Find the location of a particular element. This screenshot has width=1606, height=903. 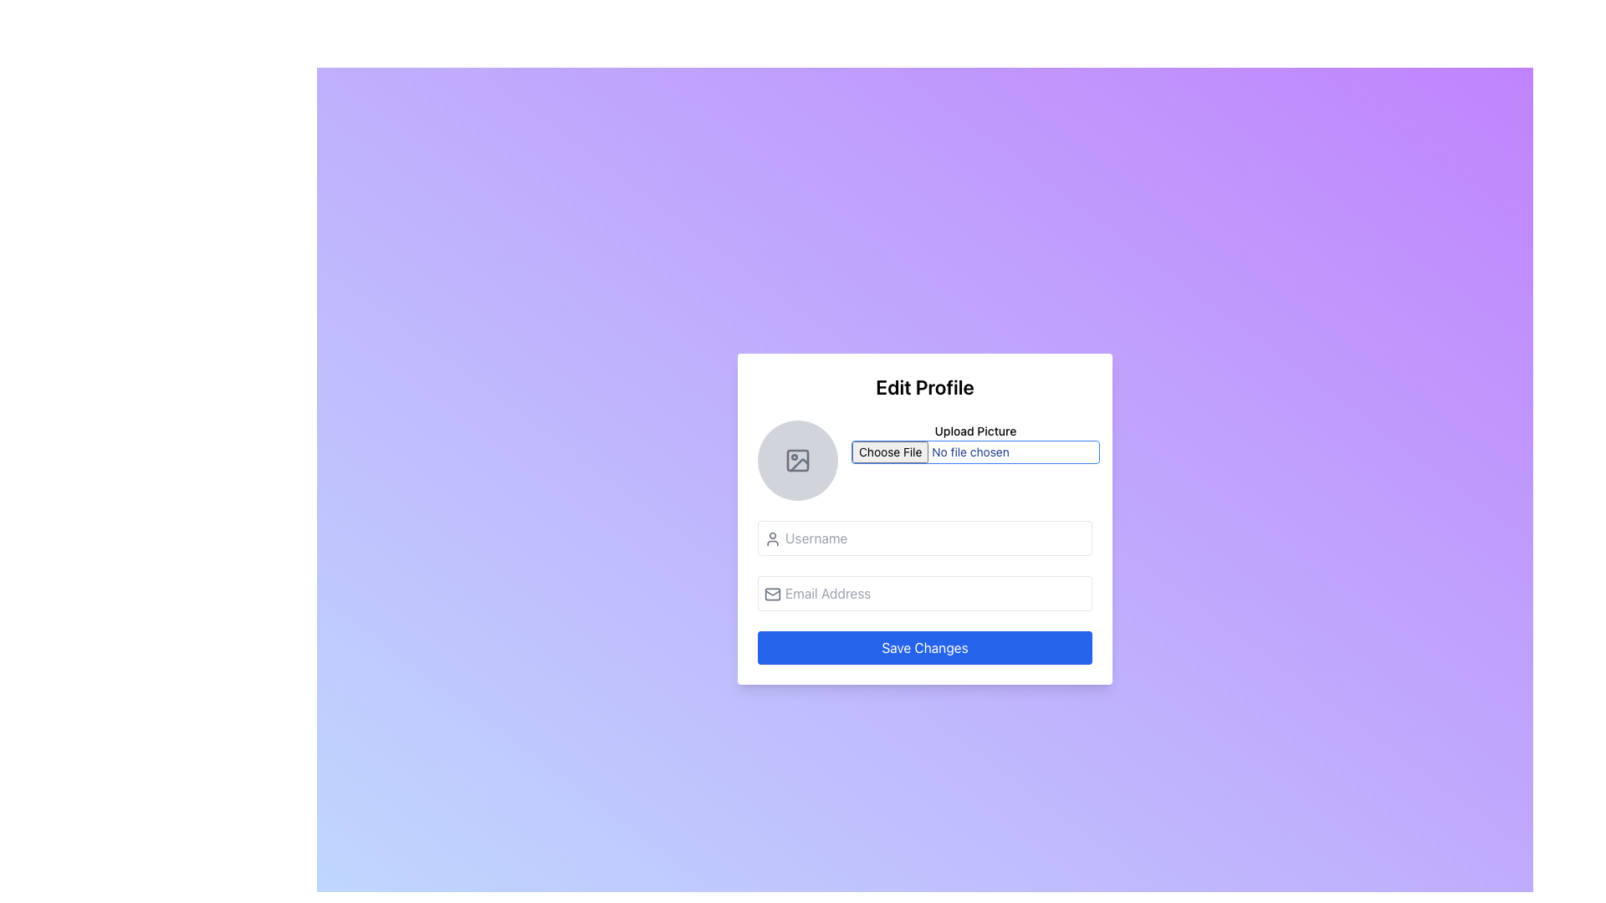

the bold text label saying 'Edit Profile' which is positioned at the top of the centered form interface is located at coordinates (923, 386).